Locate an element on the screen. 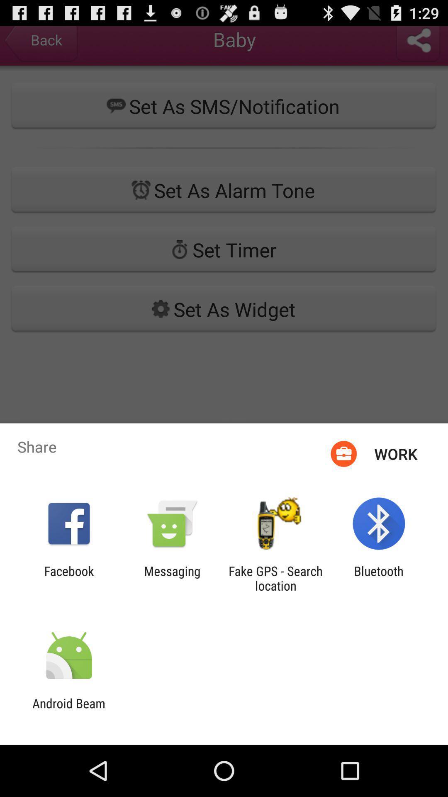 Image resolution: width=448 pixels, height=797 pixels. android beam app is located at coordinates (68, 710).